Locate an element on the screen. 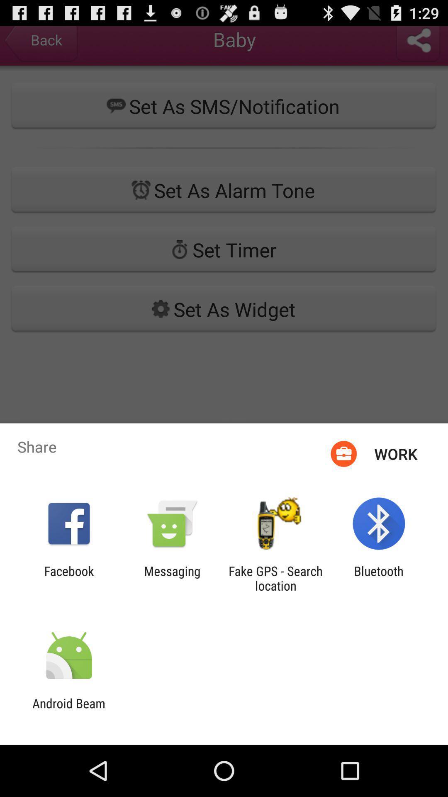 Image resolution: width=448 pixels, height=797 pixels. android beam app is located at coordinates (68, 710).